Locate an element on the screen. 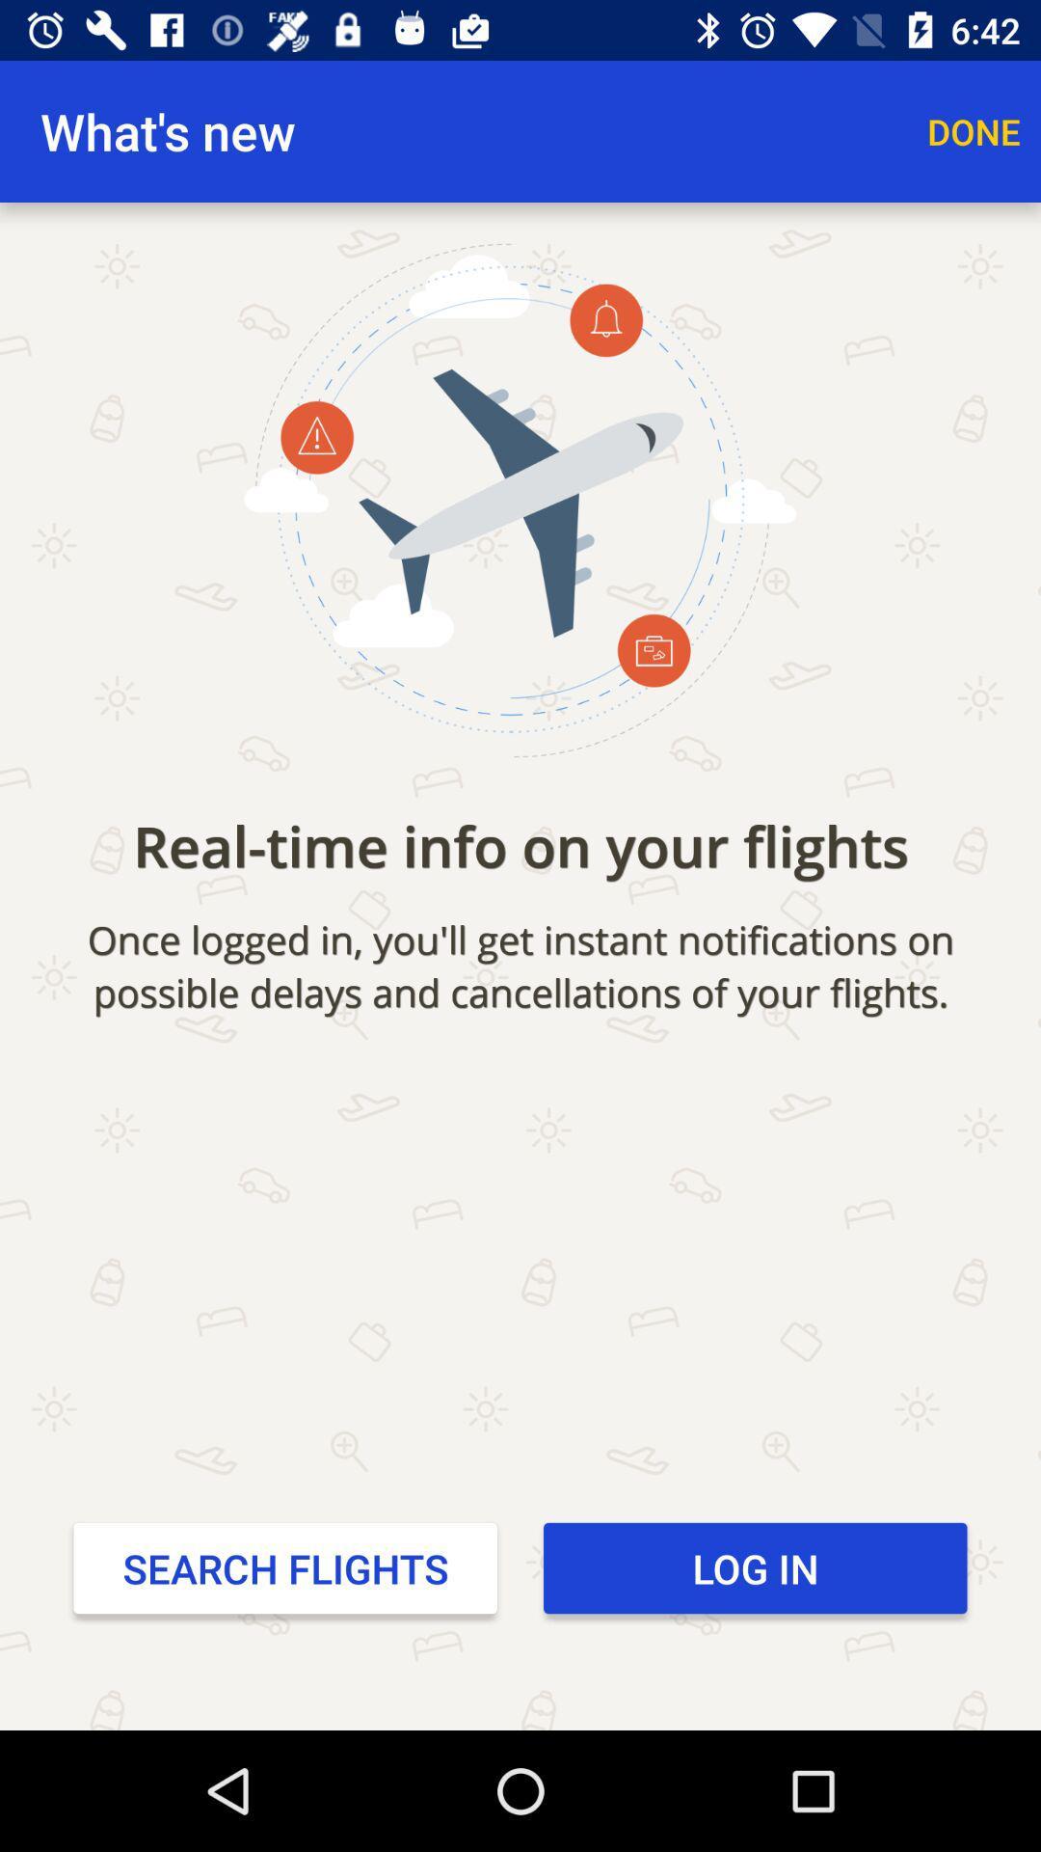 The height and width of the screenshot is (1852, 1041). the icon to the left of the log in item is located at coordinates (285, 1568).